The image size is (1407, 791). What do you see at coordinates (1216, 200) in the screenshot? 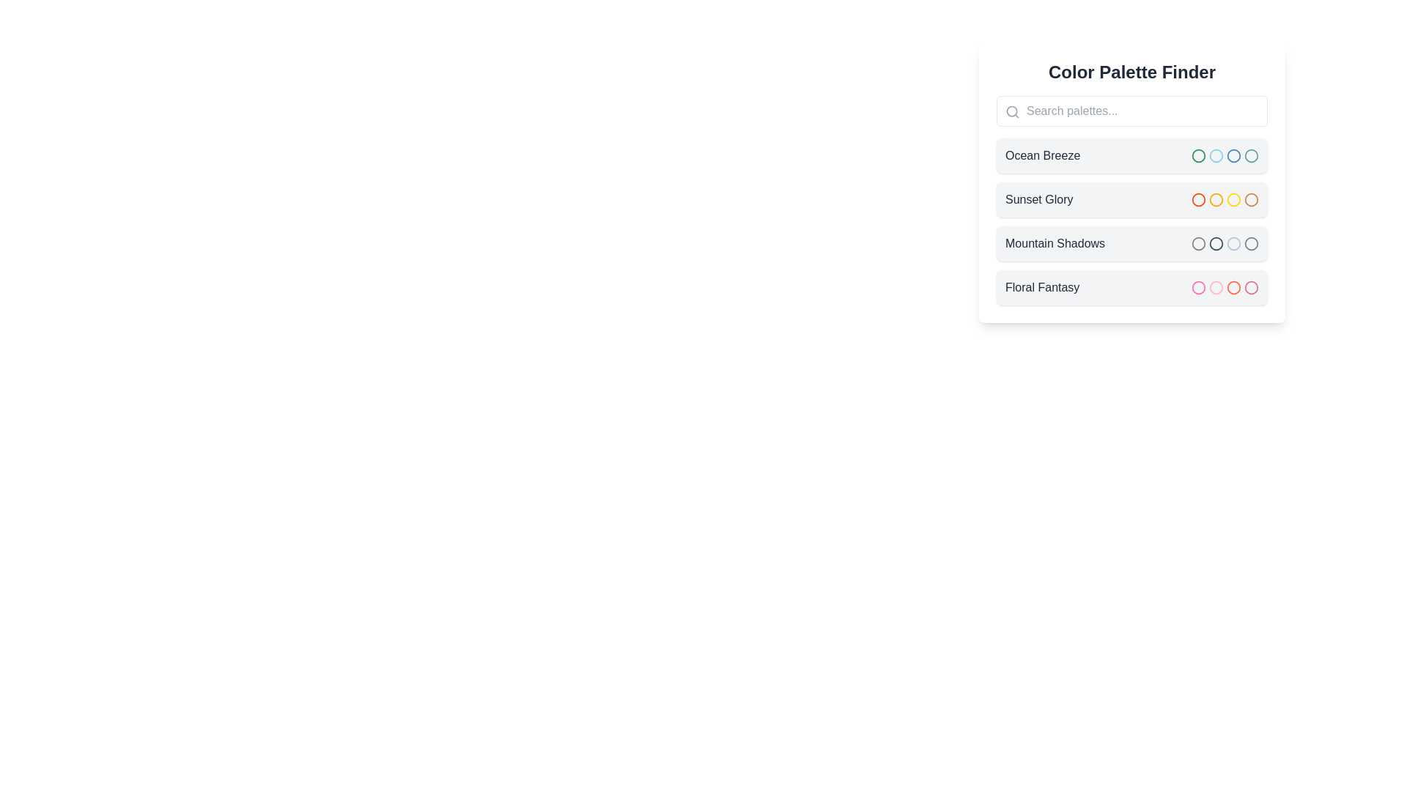
I see `on the second circular orange icon in the 'Color Palette Finder' interface` at bounding box center [1216, 200].